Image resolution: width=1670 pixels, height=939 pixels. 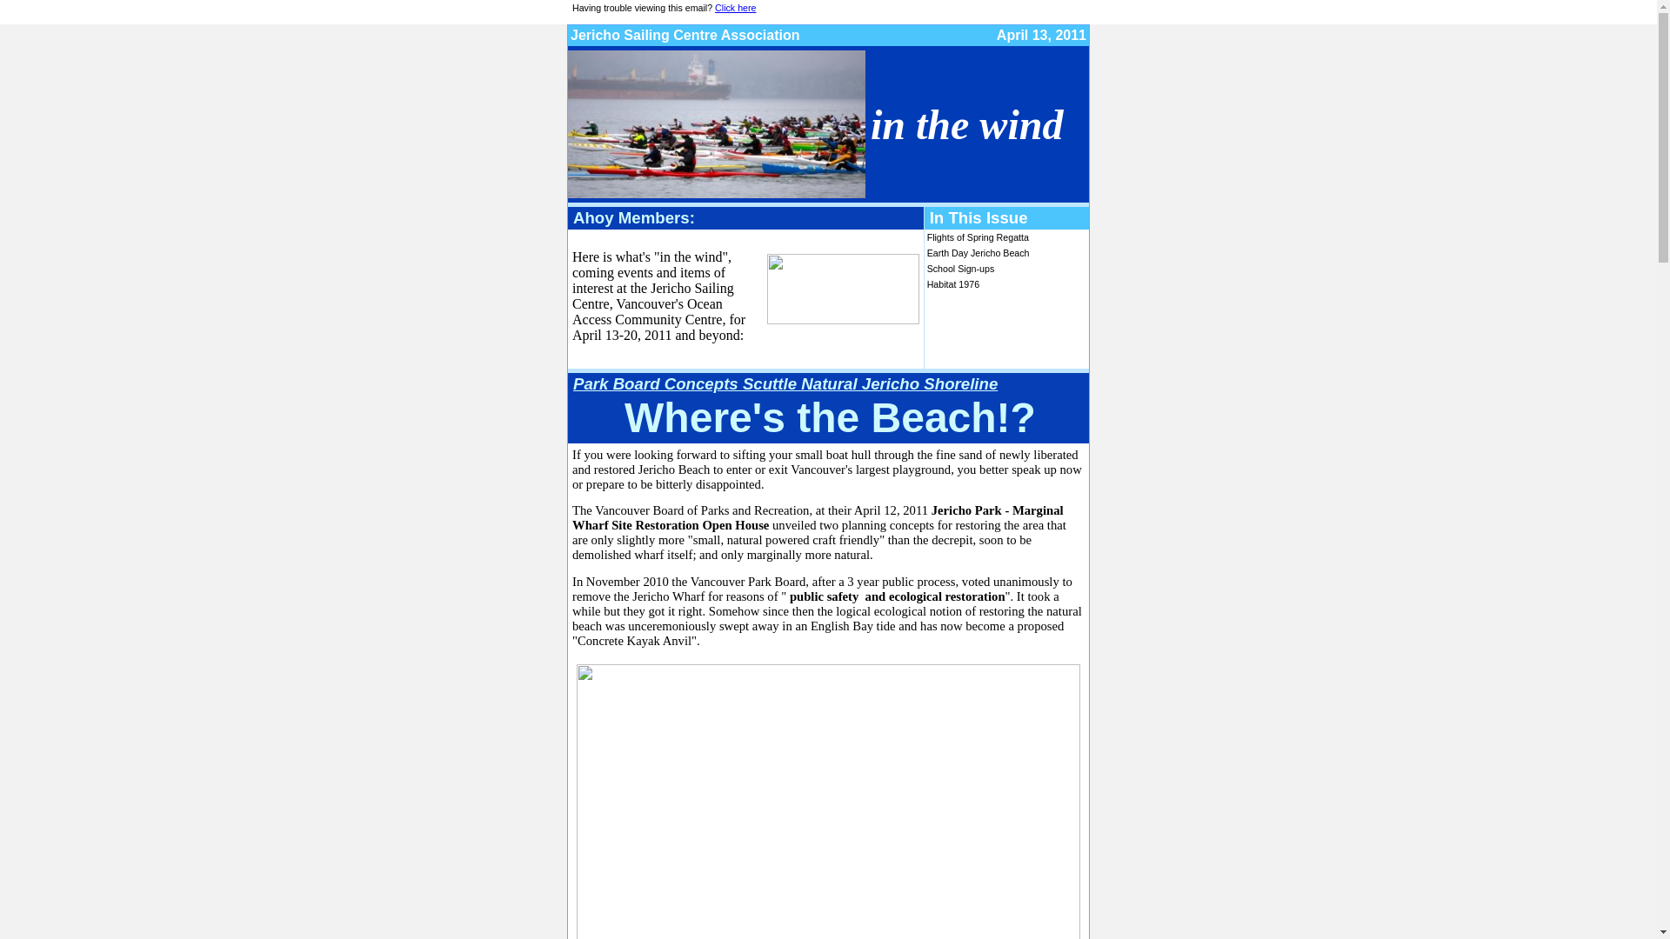 I want to click on 'Earth Day Jericho Beach', so click(x=978, y=252).